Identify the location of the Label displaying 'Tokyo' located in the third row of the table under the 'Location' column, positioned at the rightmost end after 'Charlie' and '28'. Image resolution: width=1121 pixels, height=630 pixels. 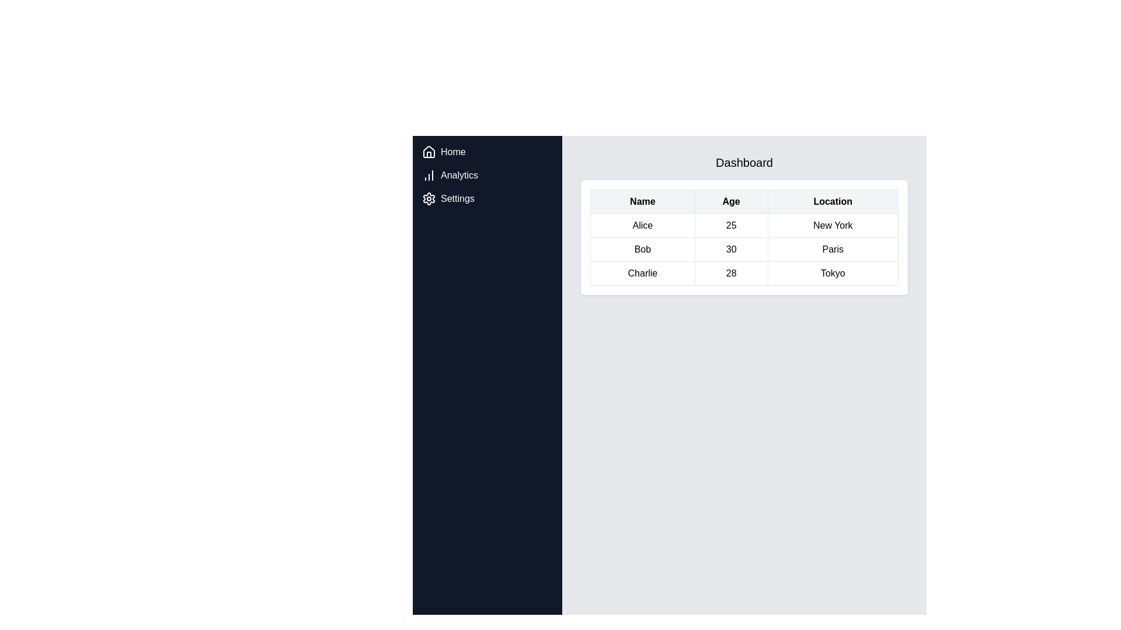
(832, 274).